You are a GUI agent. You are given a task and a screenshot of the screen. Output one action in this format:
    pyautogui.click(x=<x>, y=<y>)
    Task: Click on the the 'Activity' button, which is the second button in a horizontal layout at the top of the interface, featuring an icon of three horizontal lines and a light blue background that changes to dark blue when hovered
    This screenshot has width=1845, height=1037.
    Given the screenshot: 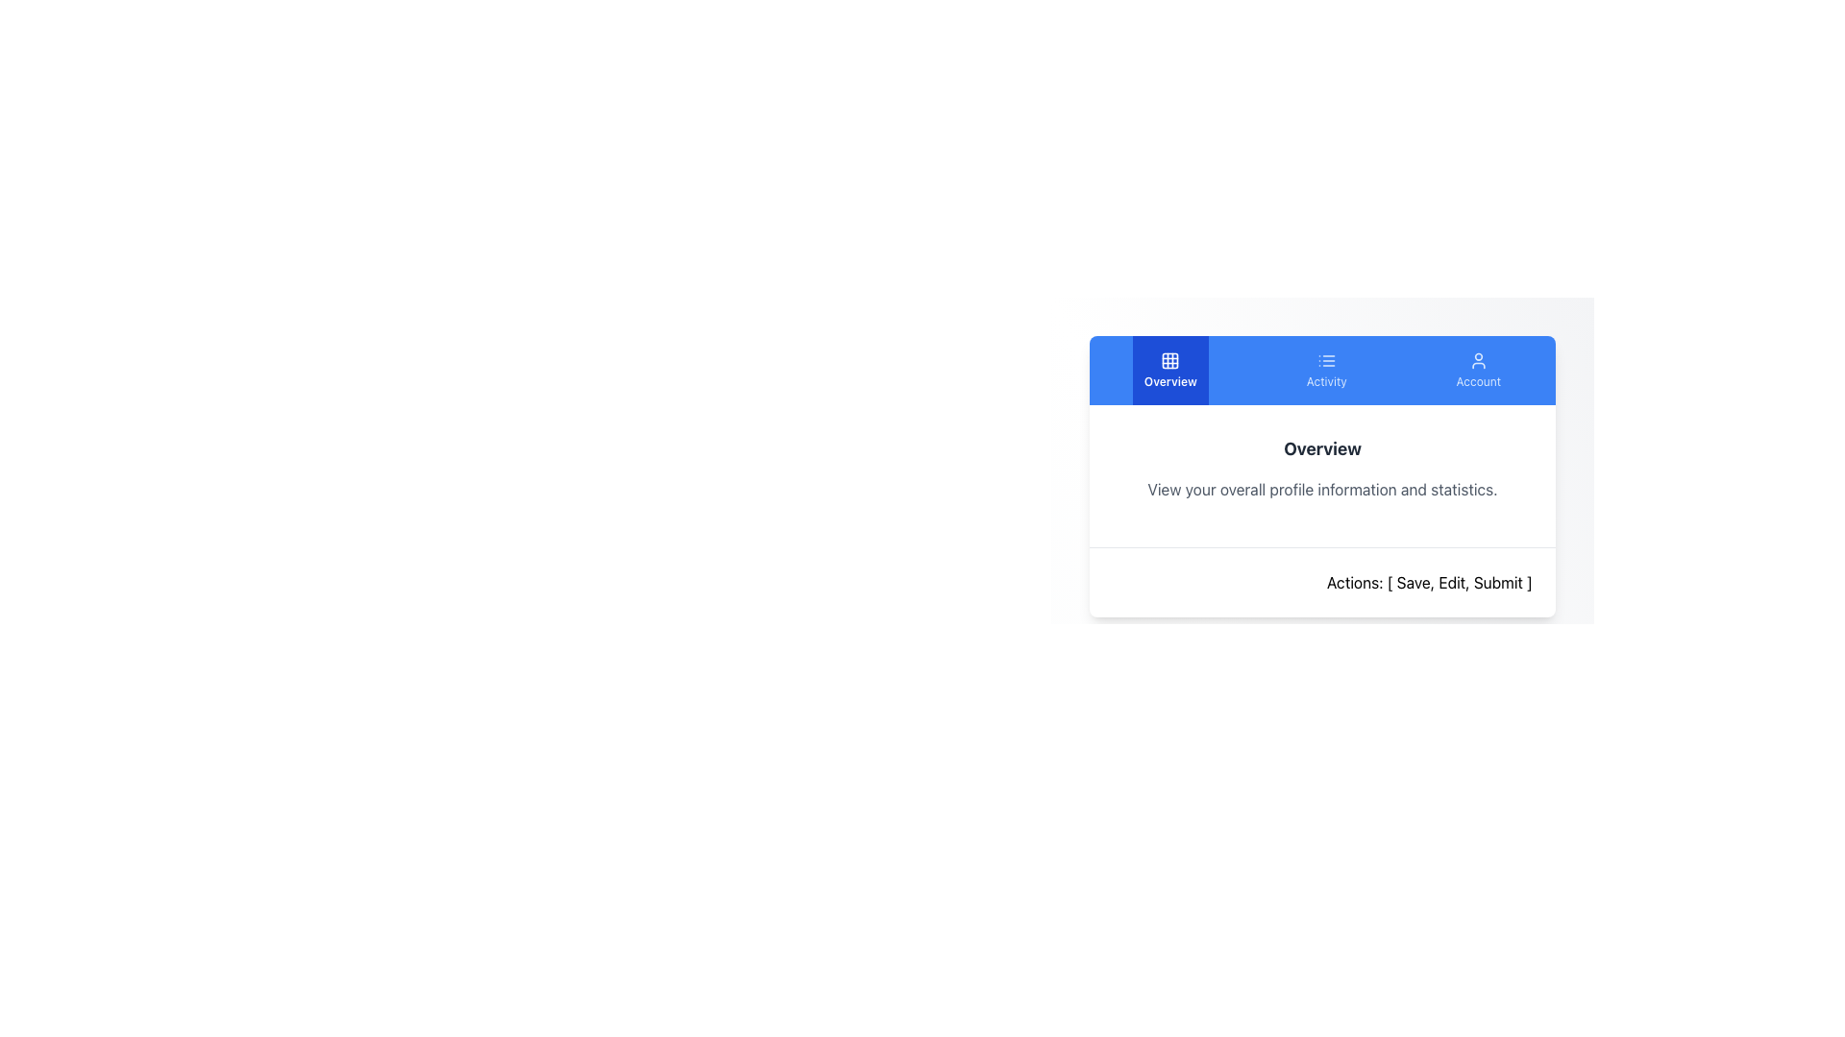 What is the action you would take?
    pyautogui.click(x=1325, y=370)
    